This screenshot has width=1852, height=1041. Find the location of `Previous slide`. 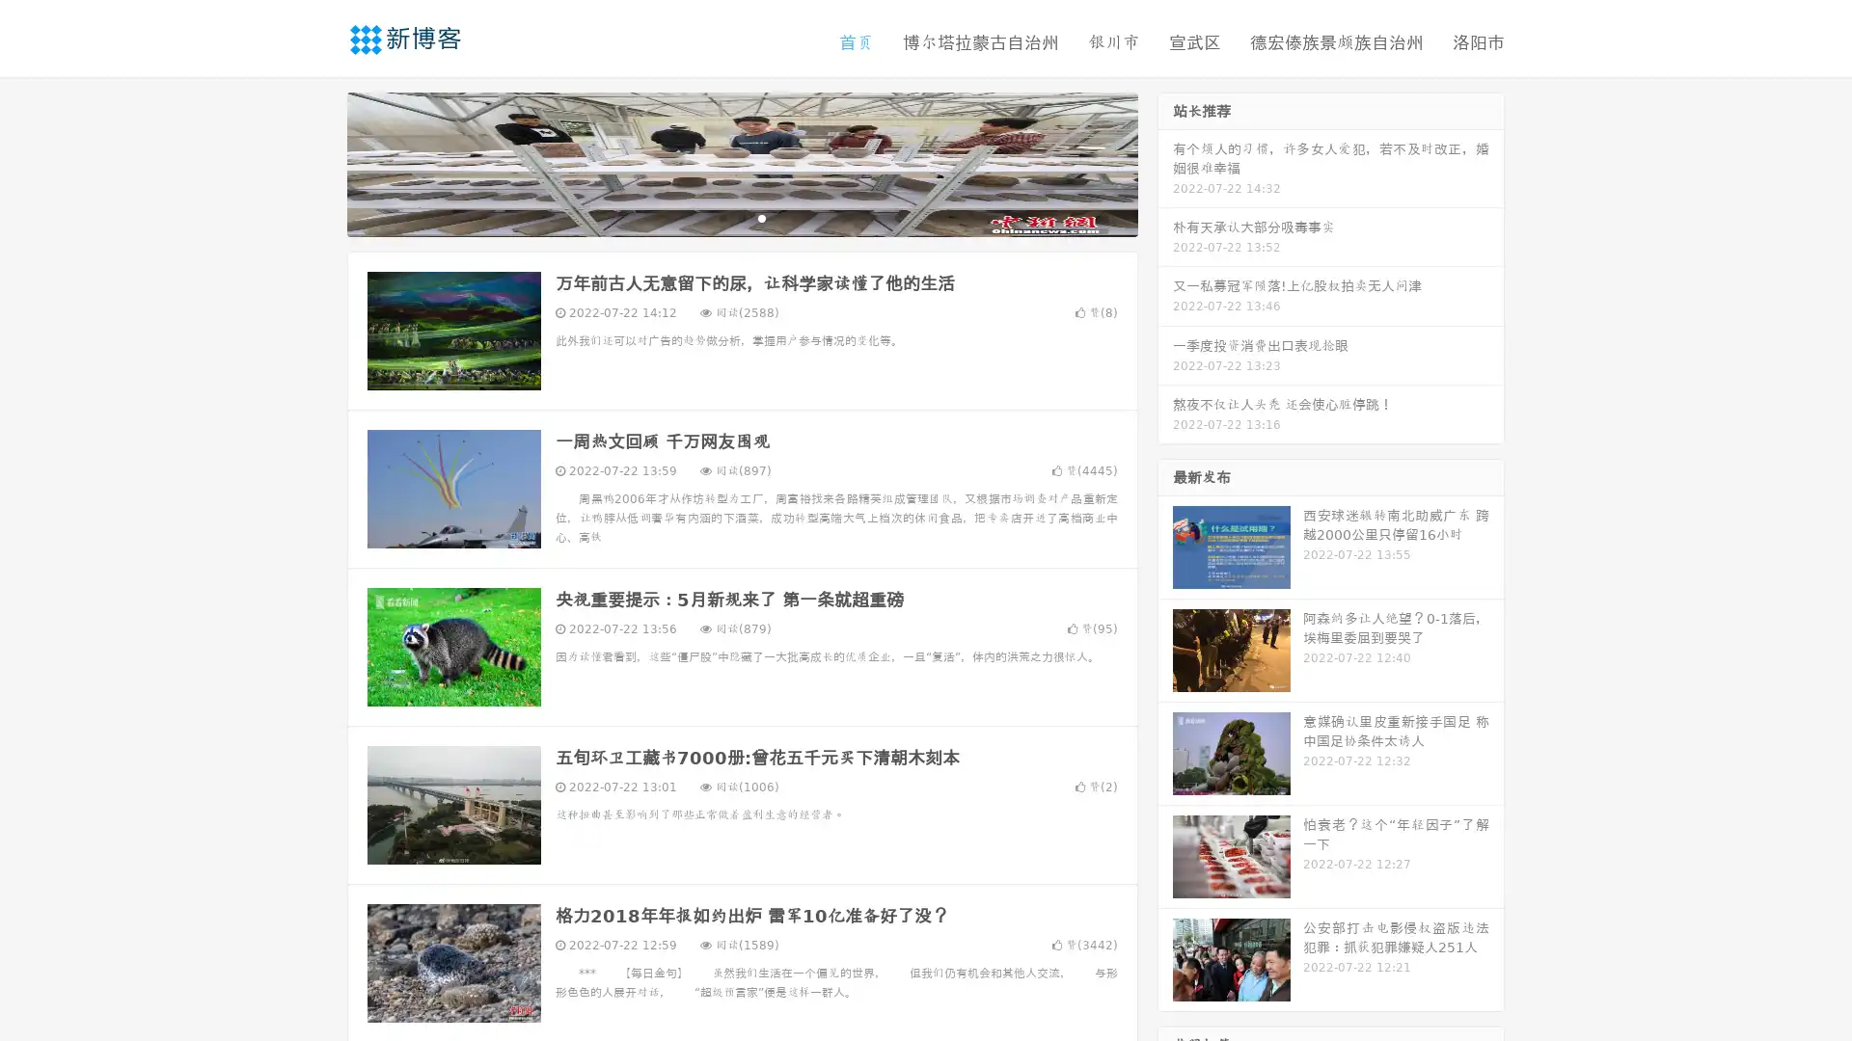

Previous slide is located at coordinates (318, 162).